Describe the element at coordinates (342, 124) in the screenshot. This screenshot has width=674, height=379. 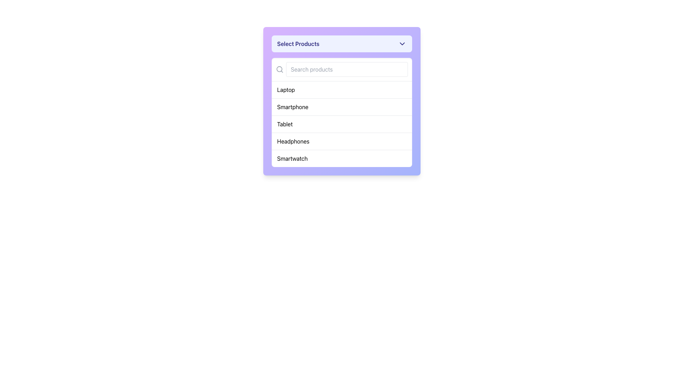
I see `the third item in the 'Select Products' dropdown menu` at that location.